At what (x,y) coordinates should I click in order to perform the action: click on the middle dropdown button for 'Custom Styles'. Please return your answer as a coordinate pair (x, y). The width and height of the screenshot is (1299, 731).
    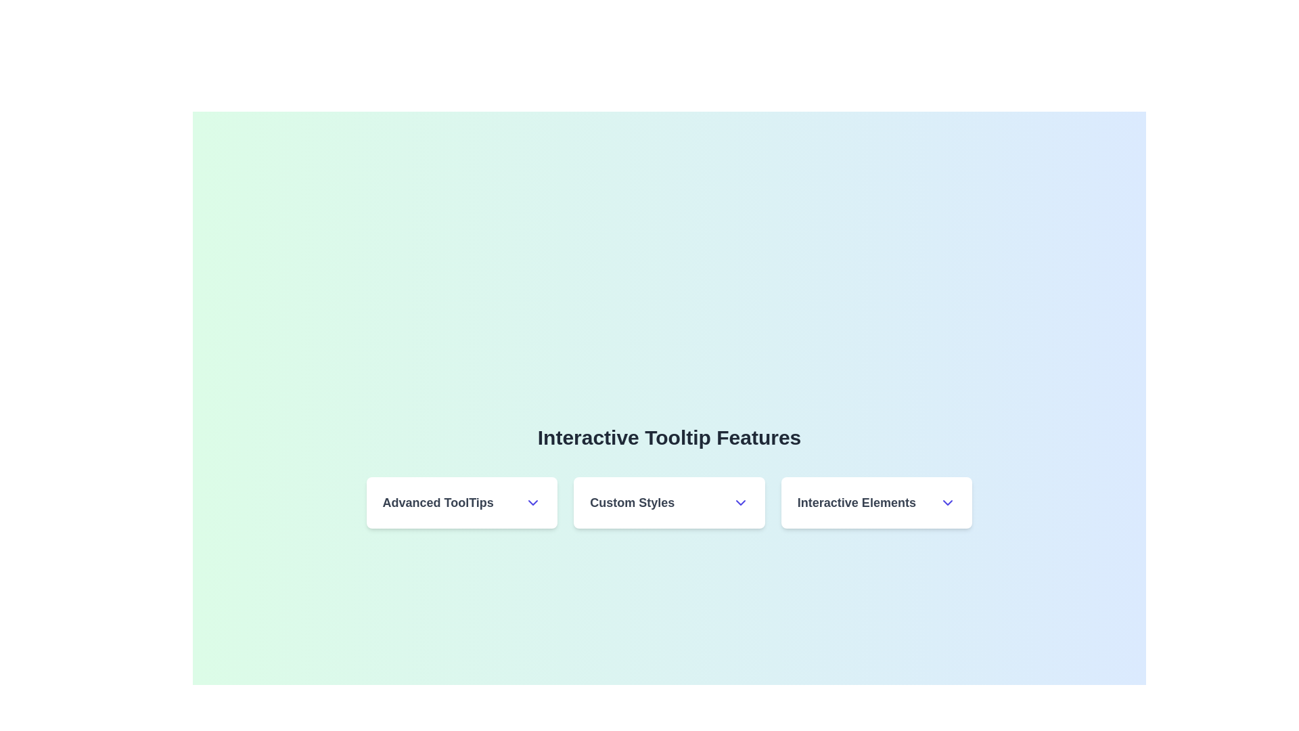
    Looking at the image, I should click on (669, 503).